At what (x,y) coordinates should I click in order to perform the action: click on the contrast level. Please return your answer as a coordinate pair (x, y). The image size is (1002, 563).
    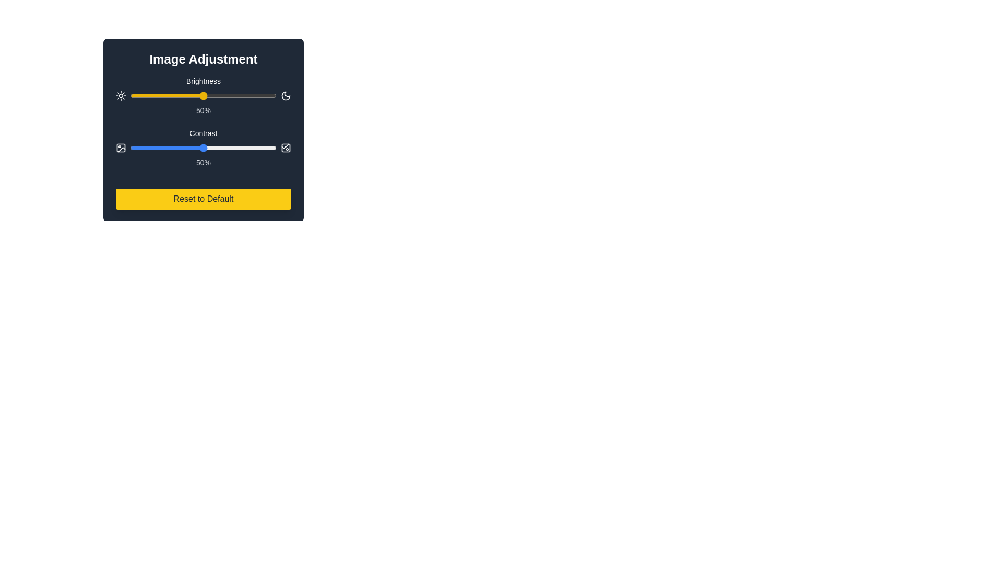
    Looking at the image, I should click on (248, 148).